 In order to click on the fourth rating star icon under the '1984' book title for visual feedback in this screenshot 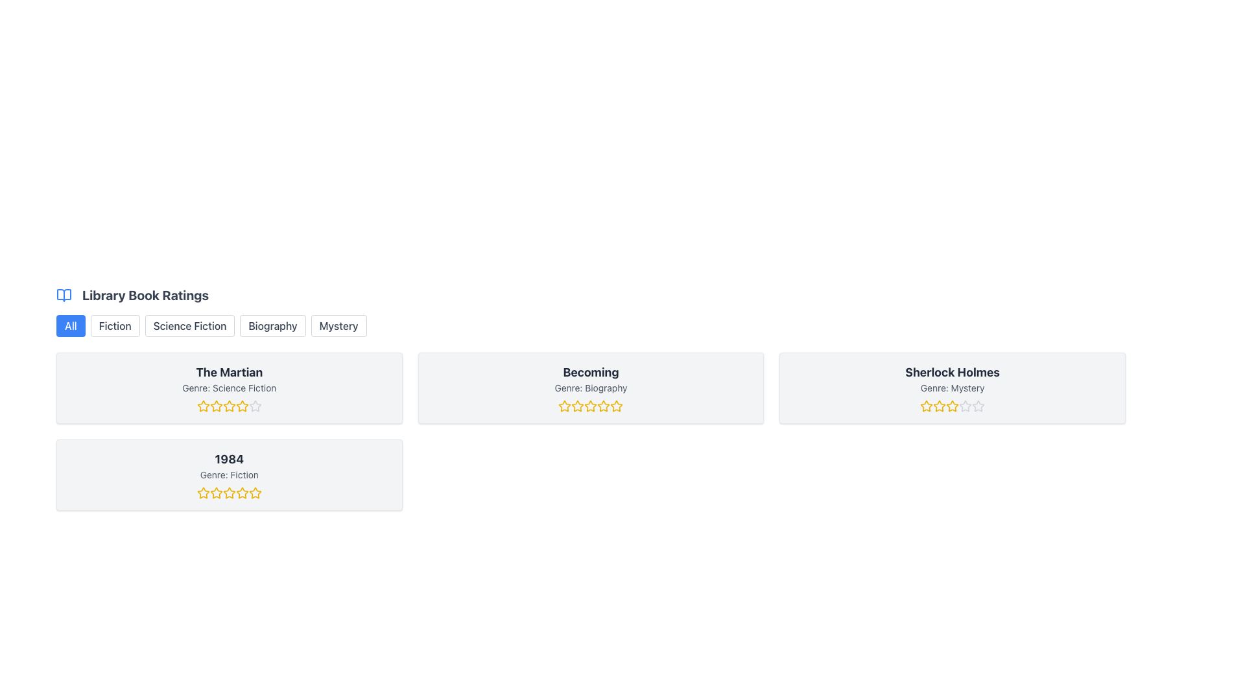, I will do `click(242, 493)`.